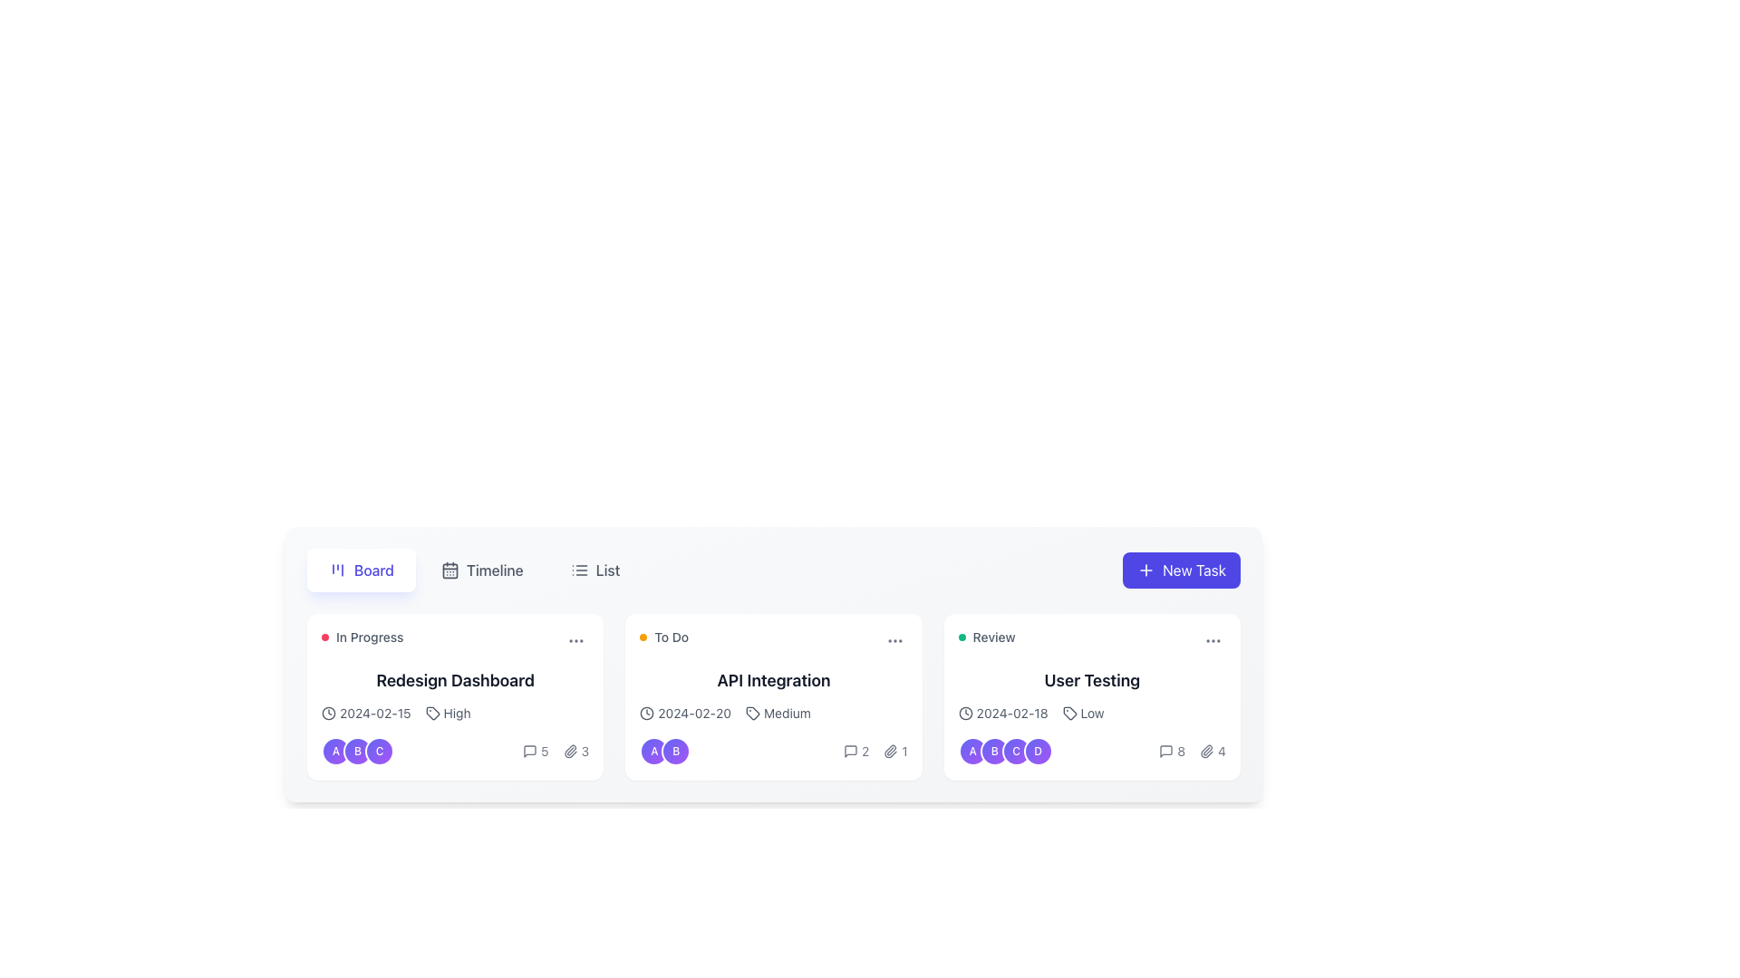 Image resolution: width=1740 pixels, height=978 pixels. What do you see at coordinates (1083, 712) in the screenshot?
I see `the Label with an icon that displays the text 'Low' next to a tag icon, located in the 'User Testing' card under the 'Review' column, positioned below the date '2024-02-18'` at bounding box center [1083, 712].